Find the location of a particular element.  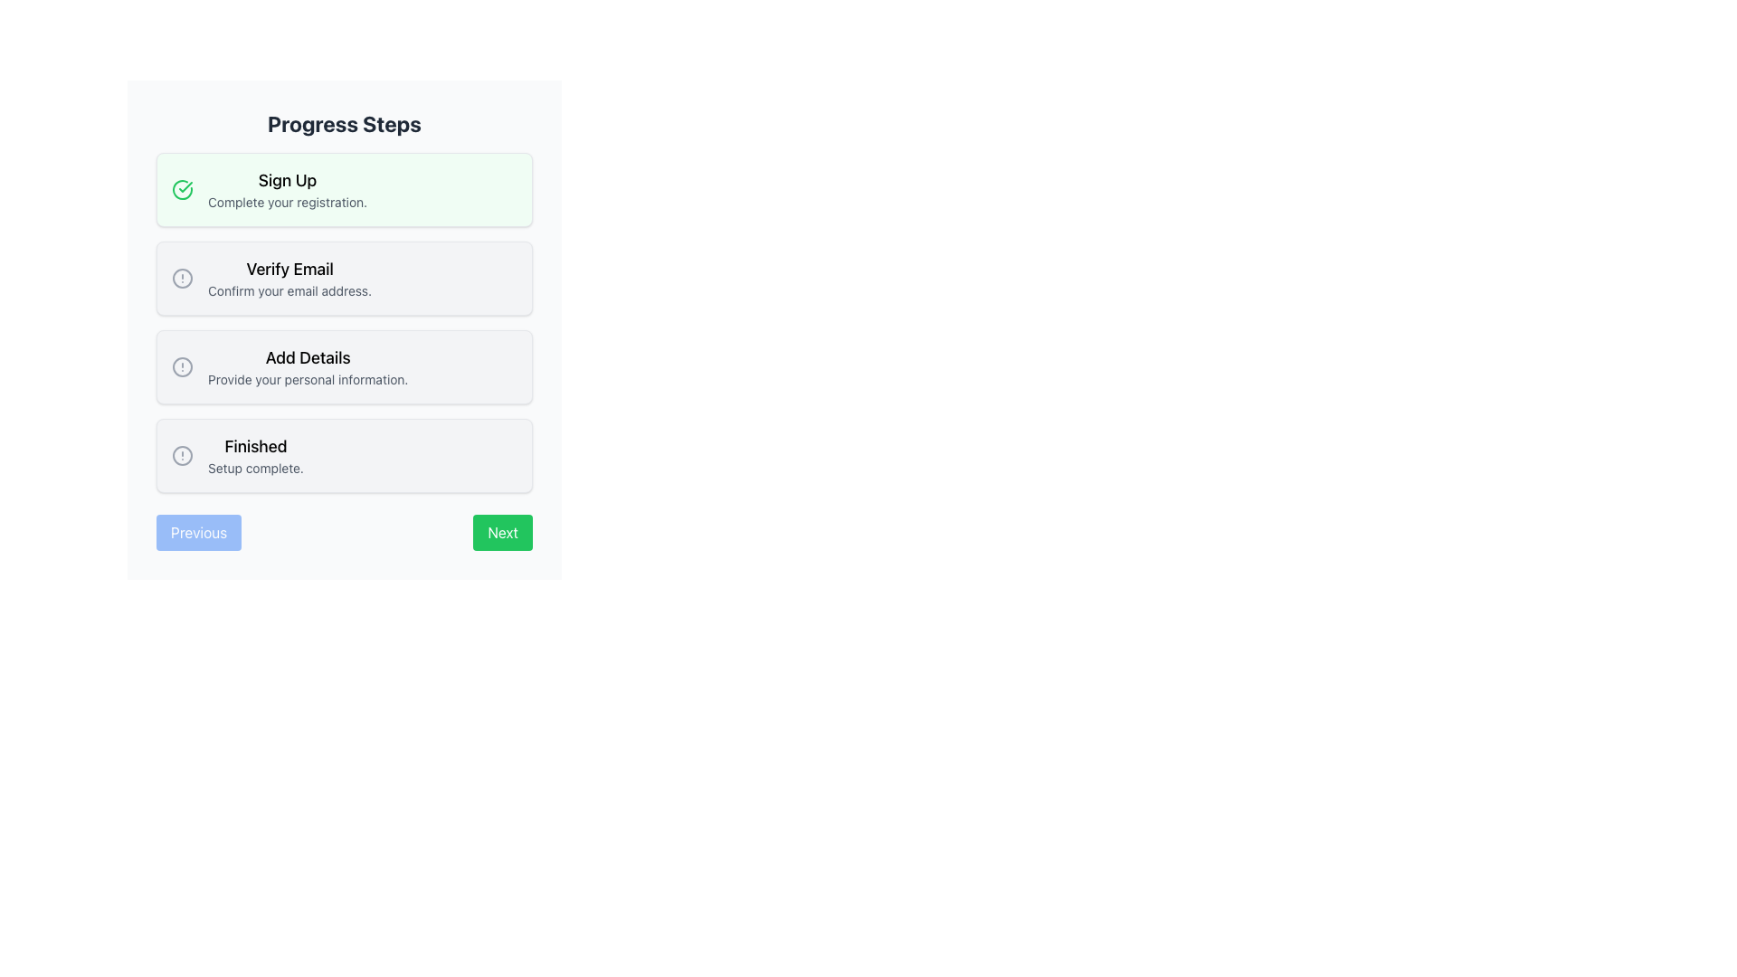

the text block that includes 'Add Details' and 'Provide your personal information.' located in the third item of the vertical list of progress steps is located at coordinates (308, 366).